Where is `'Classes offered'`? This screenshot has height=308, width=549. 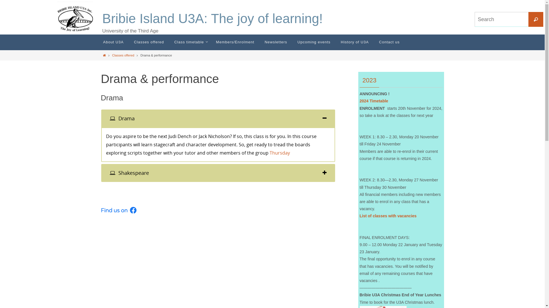 'Classes offered' is located at coordinates (149, 42).